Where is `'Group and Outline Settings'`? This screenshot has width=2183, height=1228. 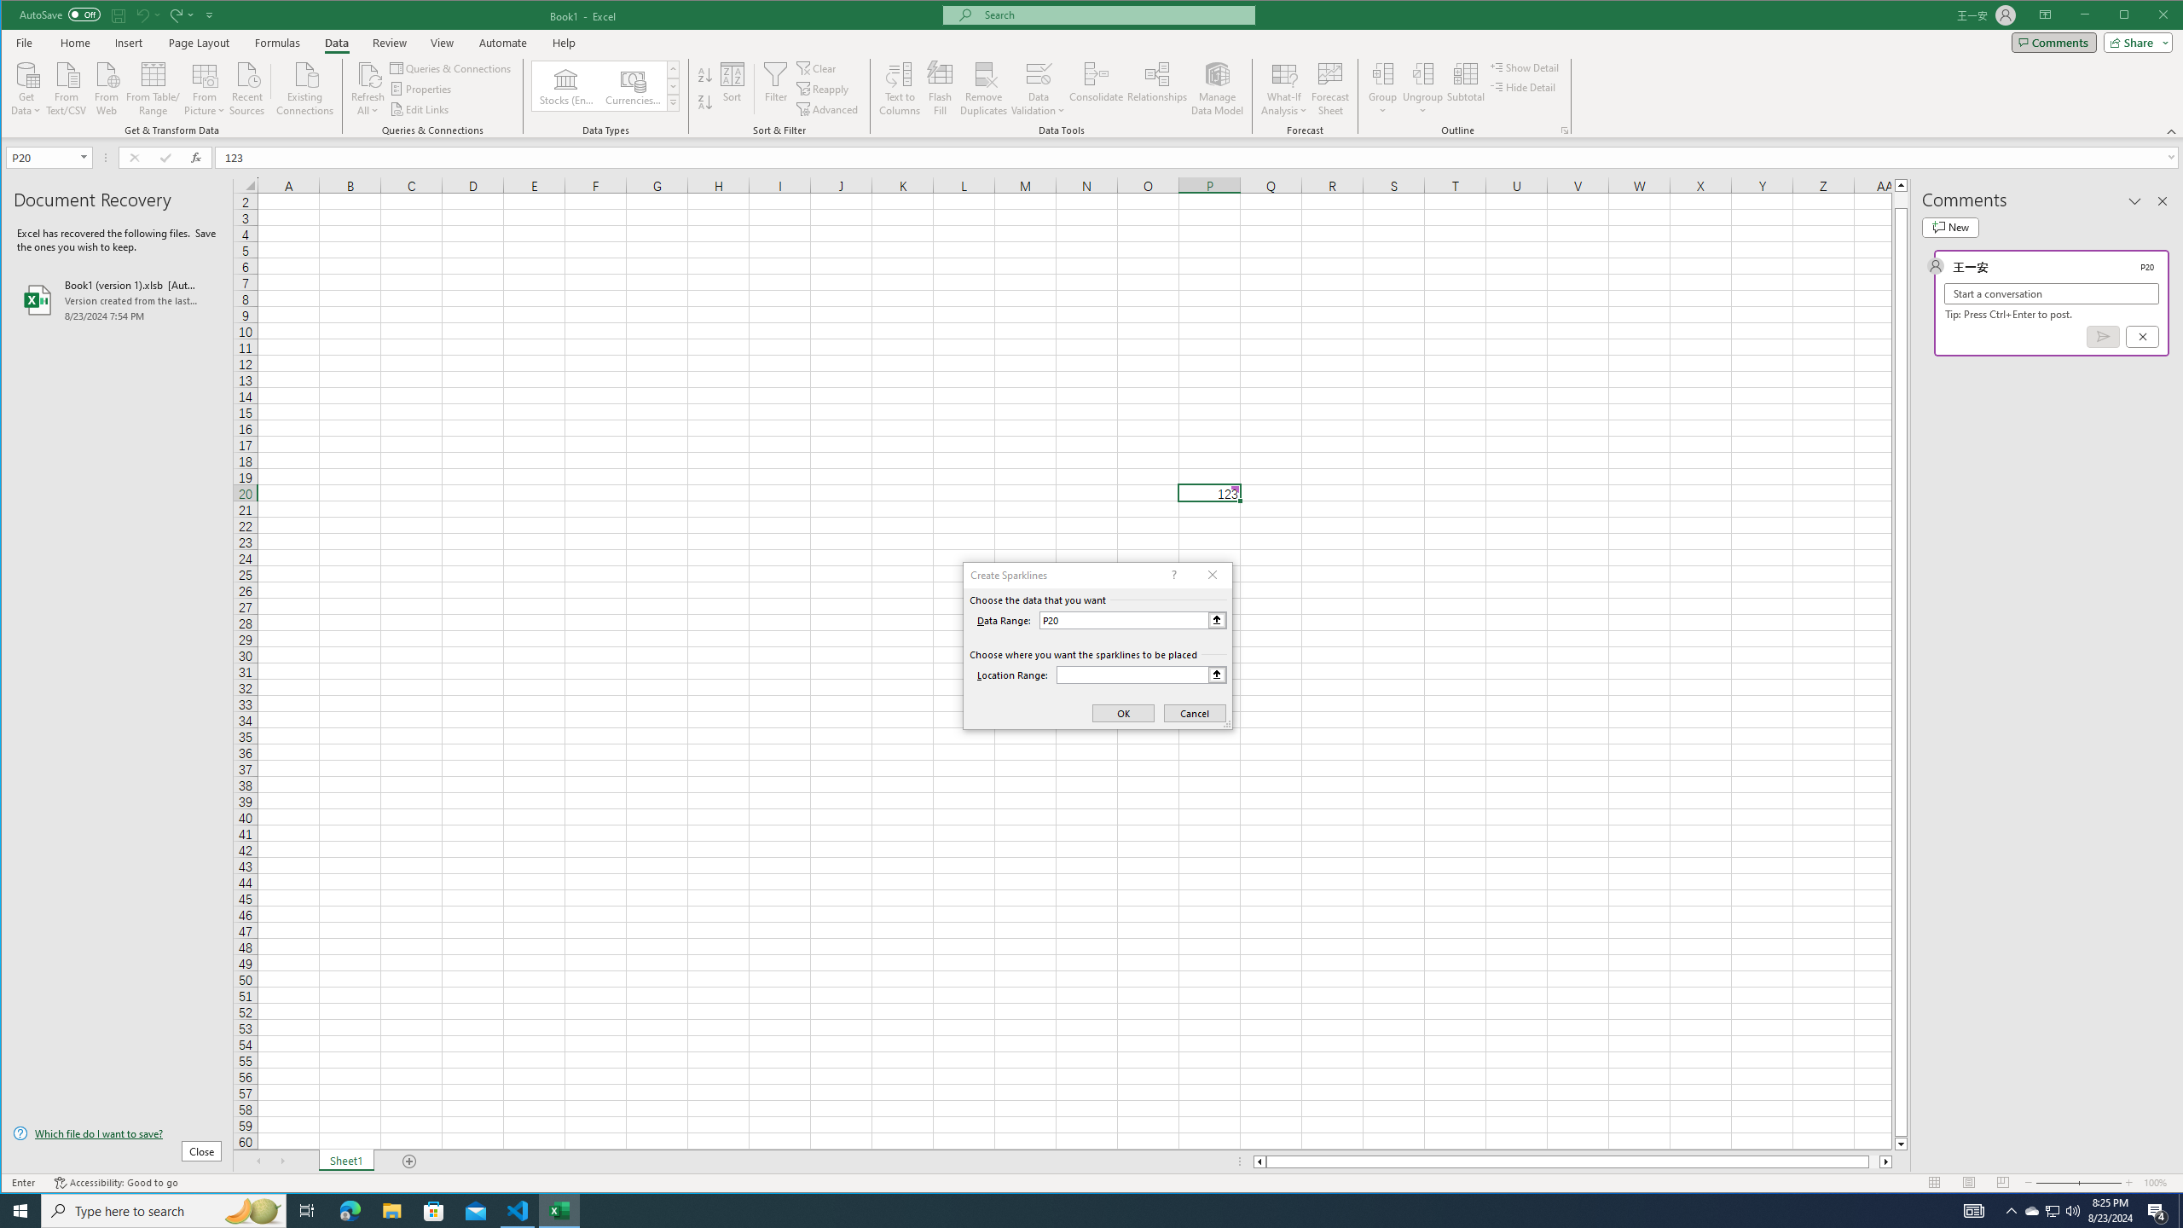 'Group and Outline Settings' is located at coordinates (1564, 130).